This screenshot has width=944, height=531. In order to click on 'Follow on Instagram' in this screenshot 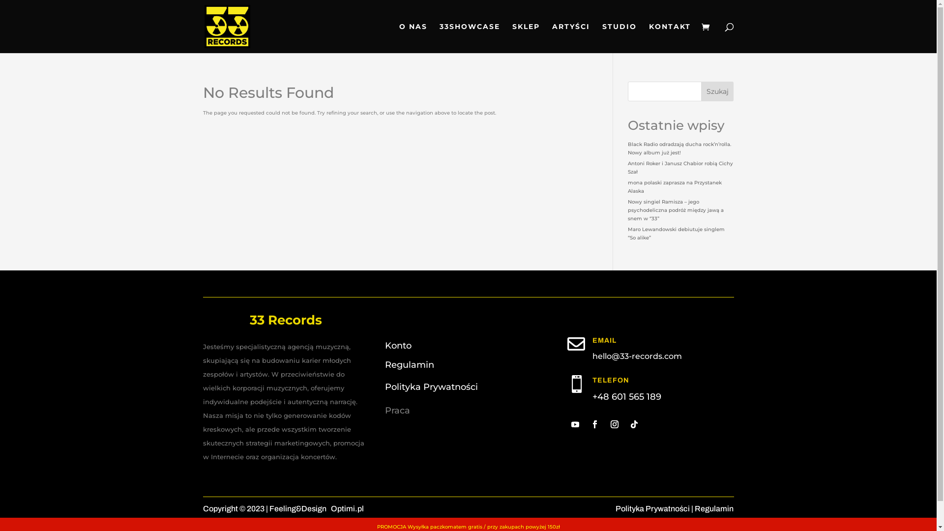, I will do `click(614, 424)`.